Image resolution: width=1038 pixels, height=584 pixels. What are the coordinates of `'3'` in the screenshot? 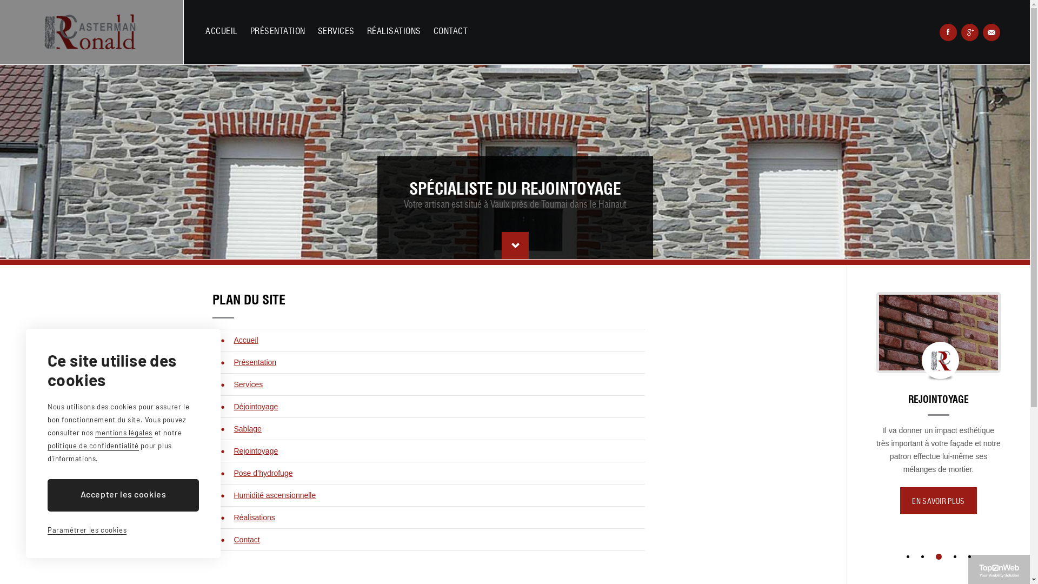 It's located at (939, 556).